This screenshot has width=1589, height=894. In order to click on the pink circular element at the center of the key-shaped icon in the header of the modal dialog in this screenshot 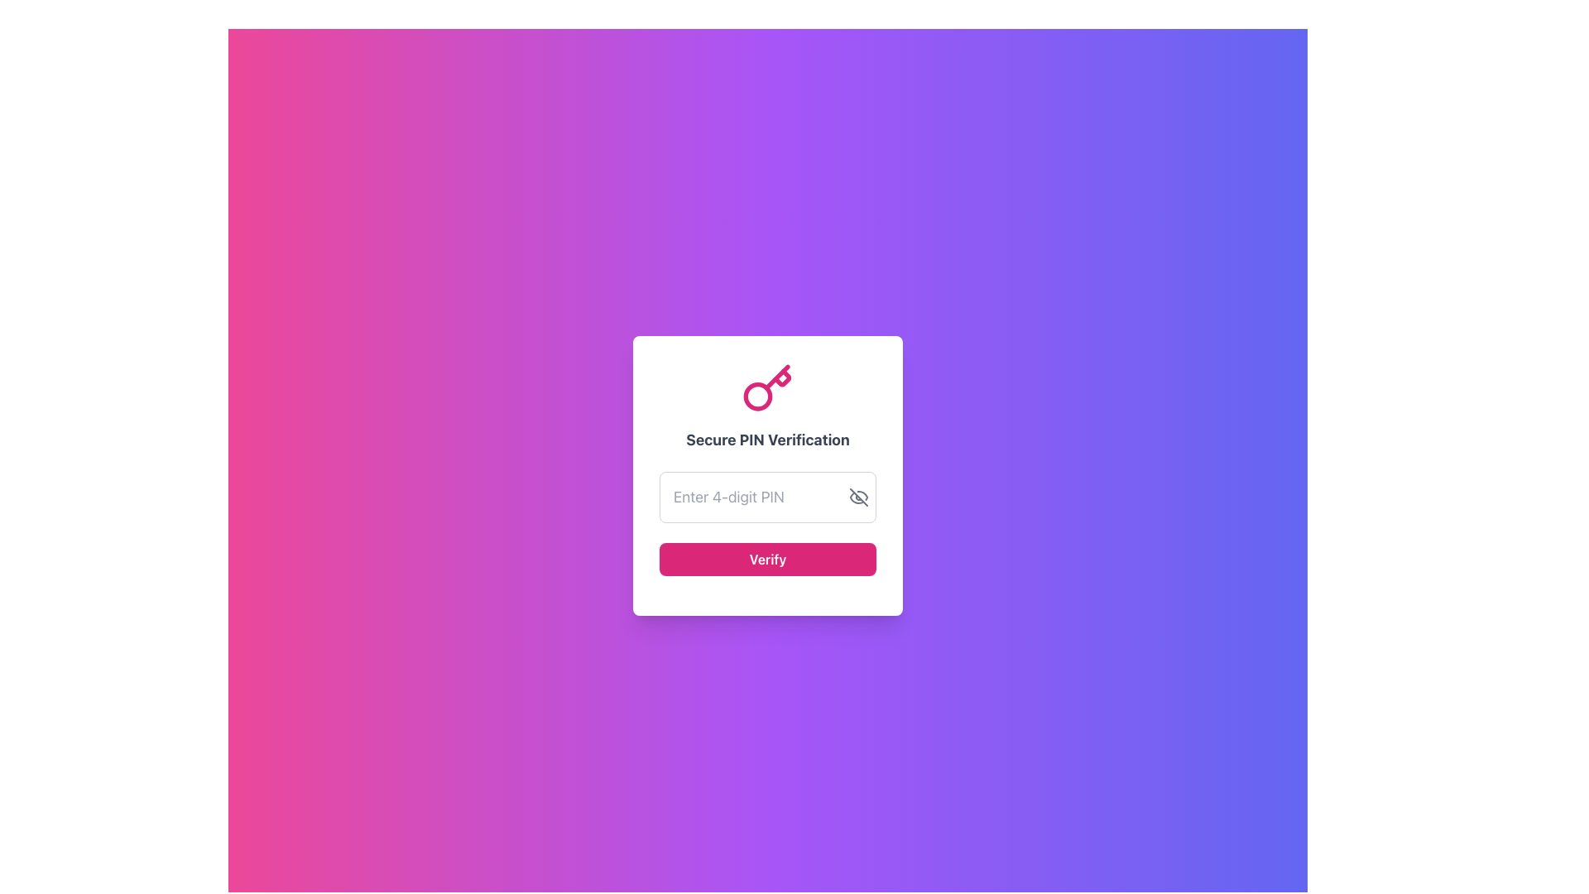, I will do `click(757, 396)`.